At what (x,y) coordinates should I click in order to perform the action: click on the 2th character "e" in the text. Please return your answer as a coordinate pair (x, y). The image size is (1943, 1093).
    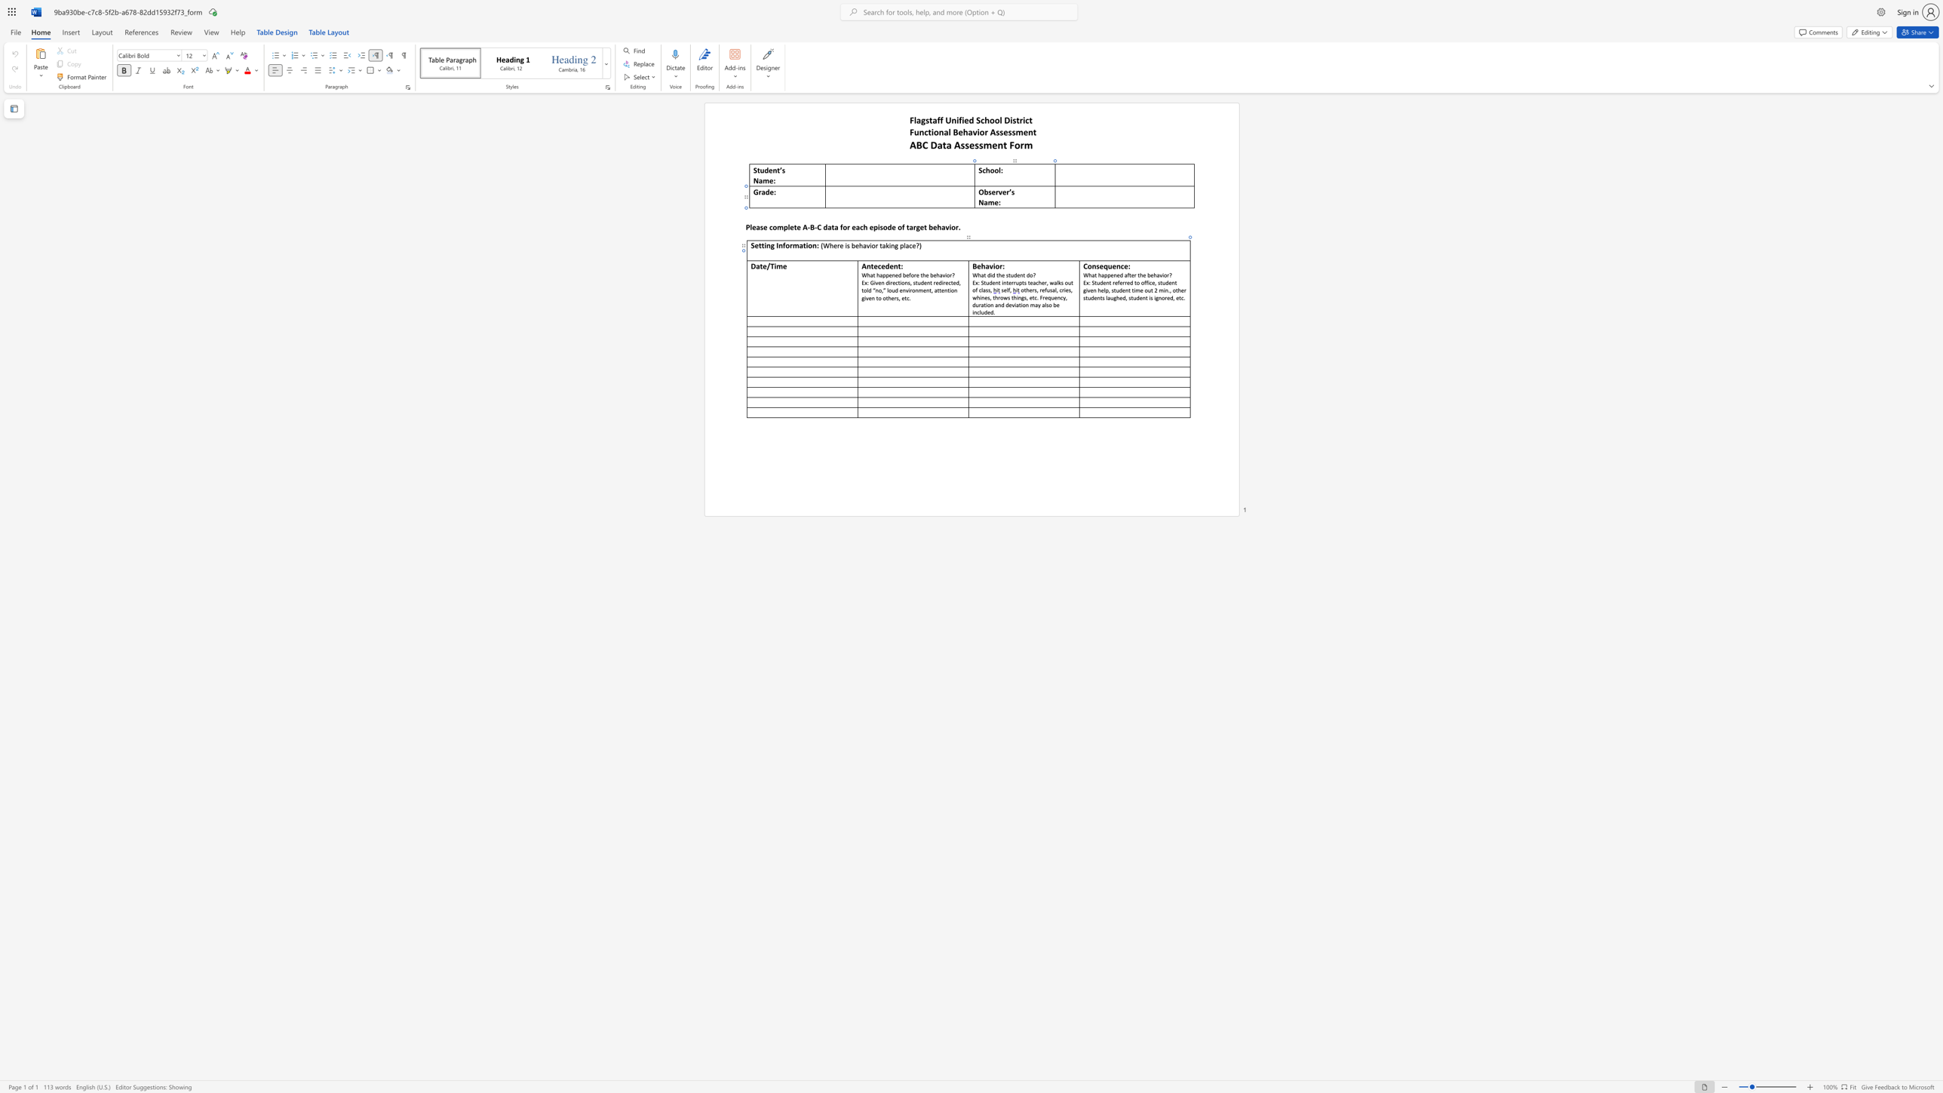
    Looking at the image, I should click on (882, 266).